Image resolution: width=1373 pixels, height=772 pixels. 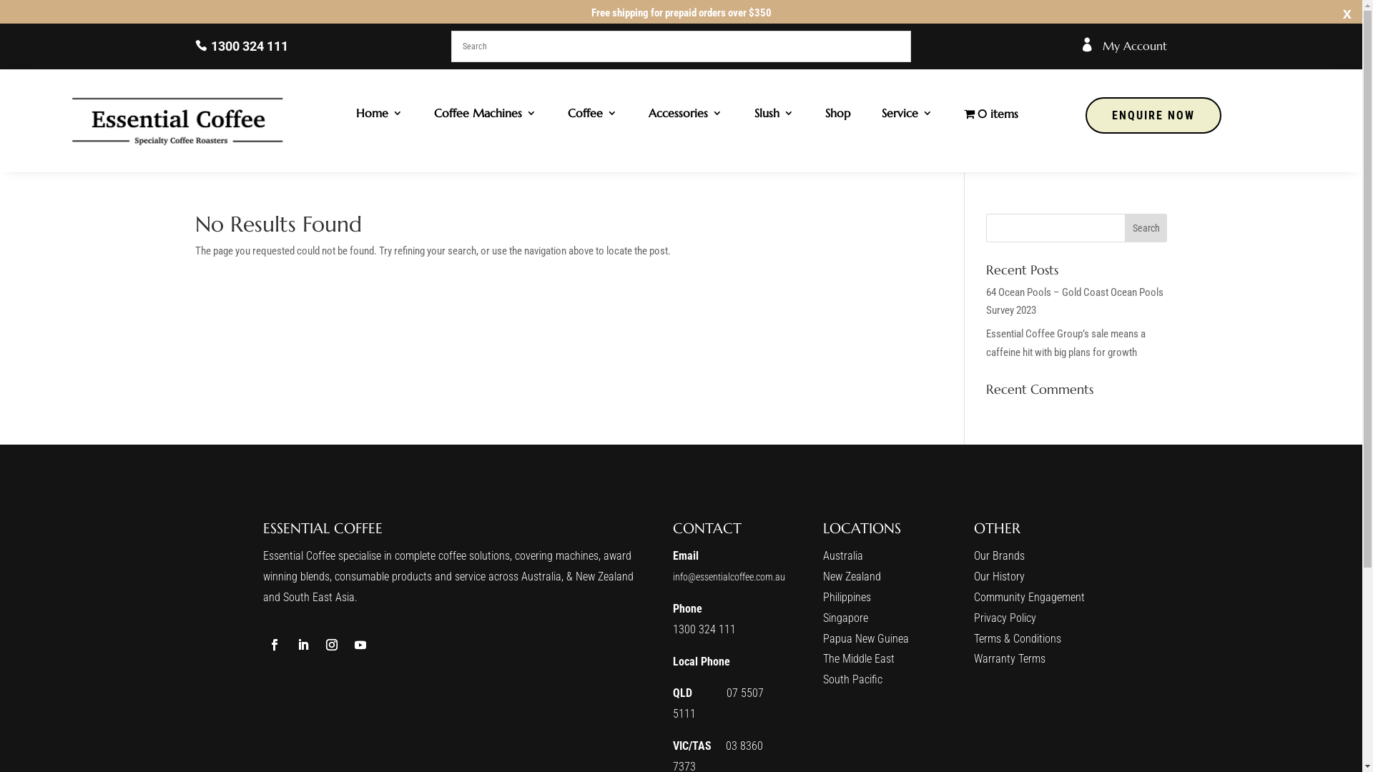 What do you see at coordinates (881, 115) in the screenshot?
I see `'Service'` at bounding box center [881, 115].